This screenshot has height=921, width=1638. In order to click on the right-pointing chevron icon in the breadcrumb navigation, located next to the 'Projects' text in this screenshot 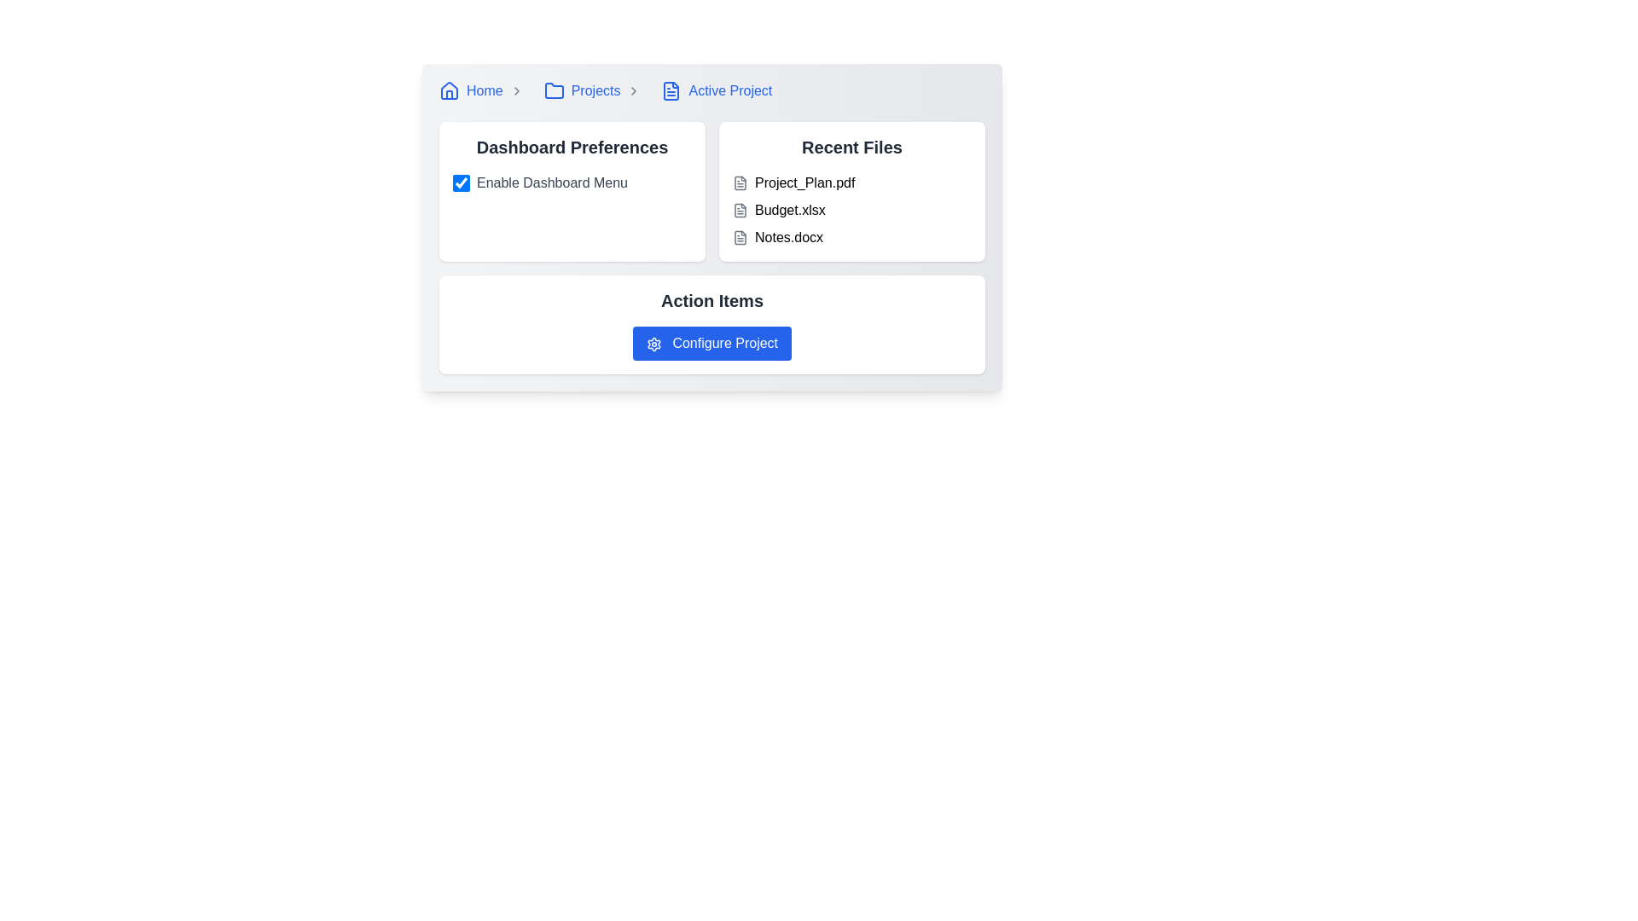, I will do `click(633, 91)`.